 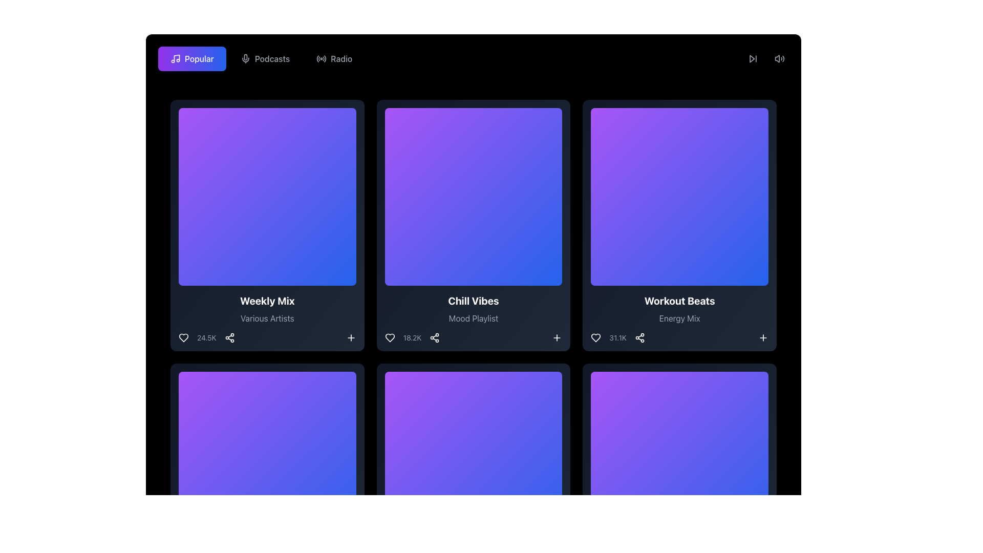 What do you see at coordinates (389, 337) in the screenshot?
I see `the heart-shaped icon located in the second card of the top row, below the title 'Chill Vibes', to favorite the item` at bounding box center [389, 337].